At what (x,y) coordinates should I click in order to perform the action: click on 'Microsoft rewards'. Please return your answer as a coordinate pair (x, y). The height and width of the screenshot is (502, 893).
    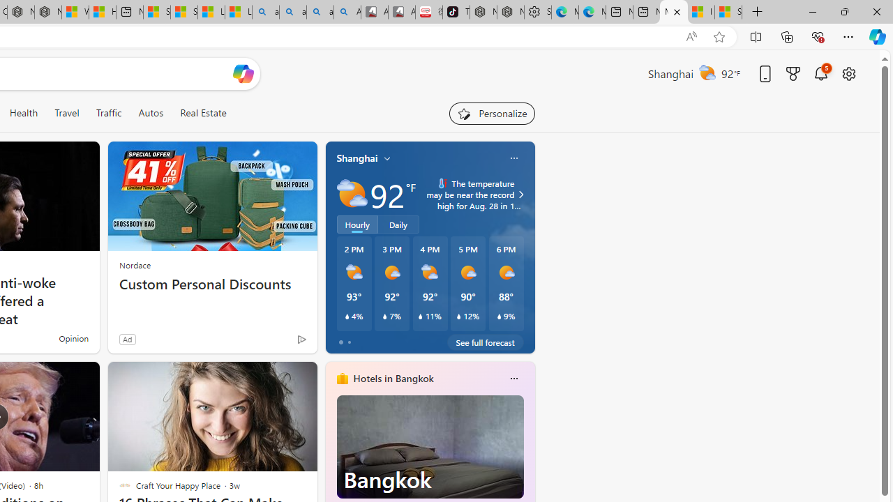
    Looking at the image, I should click on (793, 73).